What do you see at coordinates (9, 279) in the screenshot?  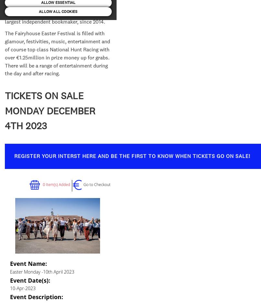 I see `'Event Date(s):'` at bounding box center [9, 279].